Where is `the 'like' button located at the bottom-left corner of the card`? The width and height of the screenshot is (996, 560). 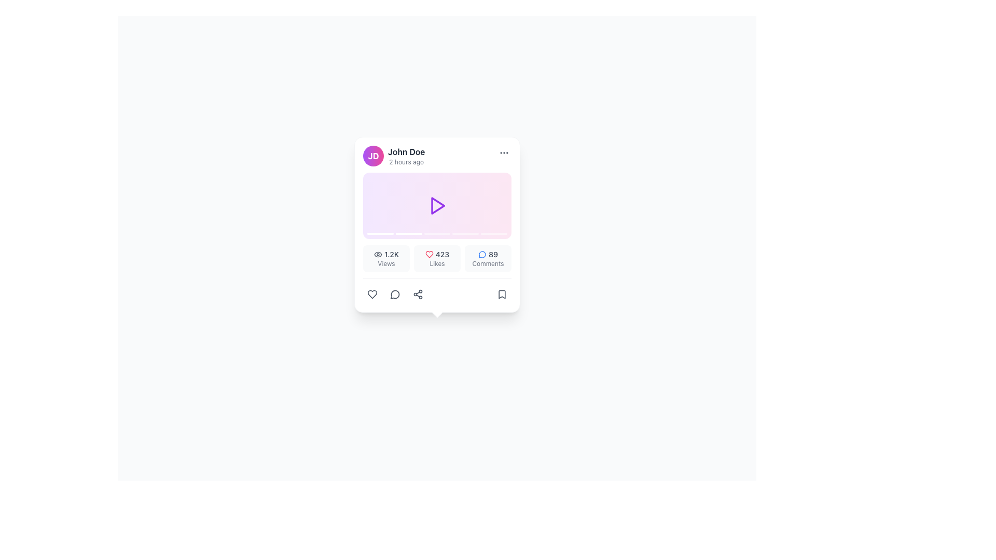
the 'like' button located at the bottom-left corner of the card is located at coordinates (372, 294).